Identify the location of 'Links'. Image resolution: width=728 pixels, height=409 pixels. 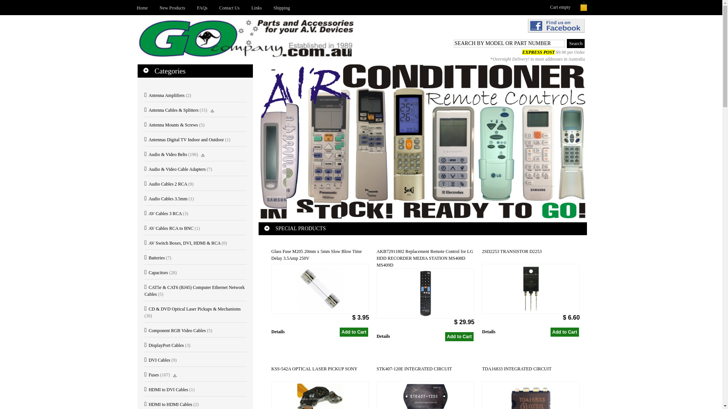
(256, 7).